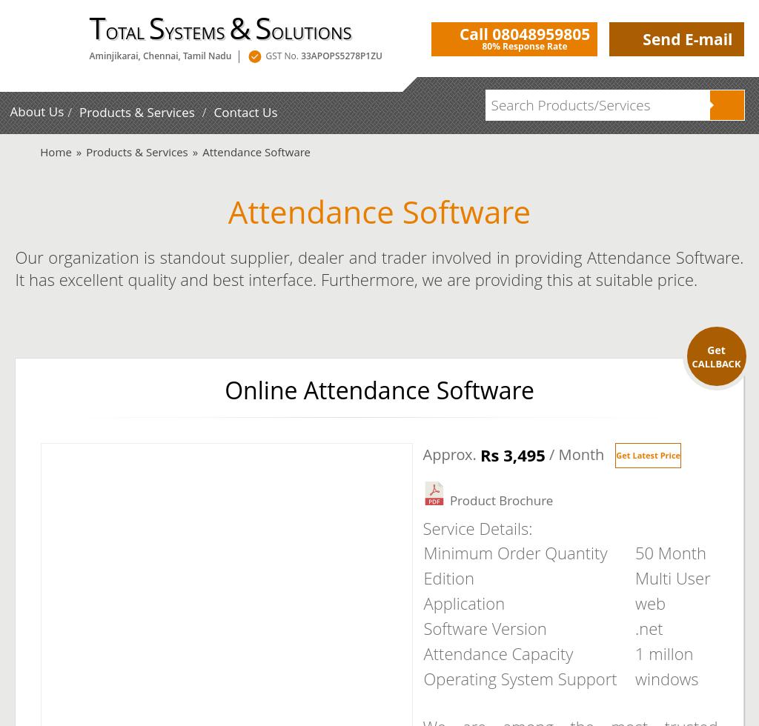 The image size is (759, 726). I want to click on 'Edition', so click(448, 577).